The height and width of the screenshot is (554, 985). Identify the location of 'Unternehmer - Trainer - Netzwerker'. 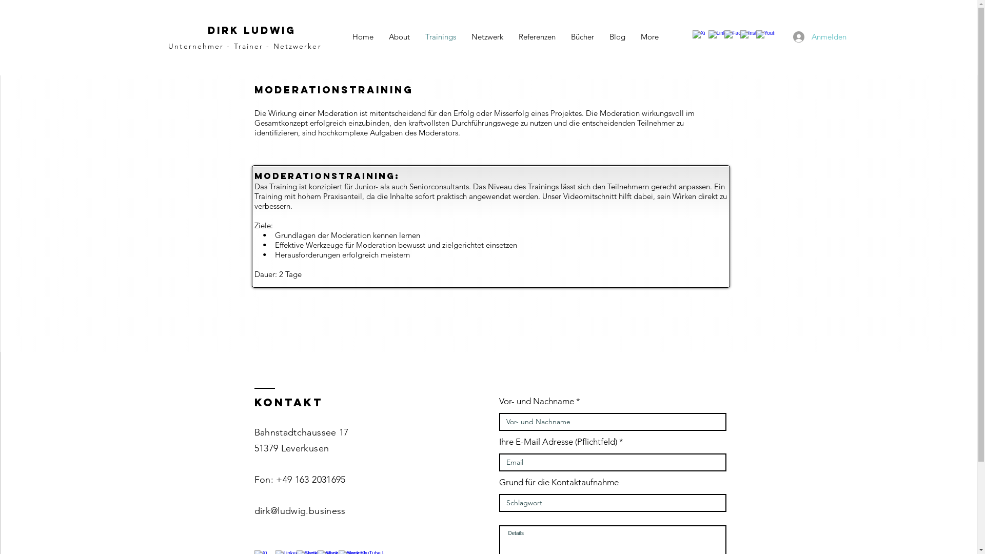
(244, 45).